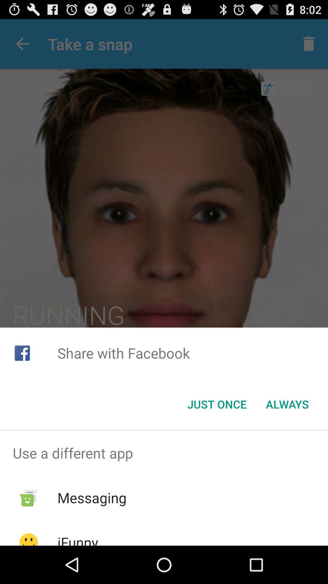 The width and height of the screenshot is (328, 584). Describe the element at coordinates (287, 404) in the screenshot. I see `icon to the right of the just once icon` at that location.